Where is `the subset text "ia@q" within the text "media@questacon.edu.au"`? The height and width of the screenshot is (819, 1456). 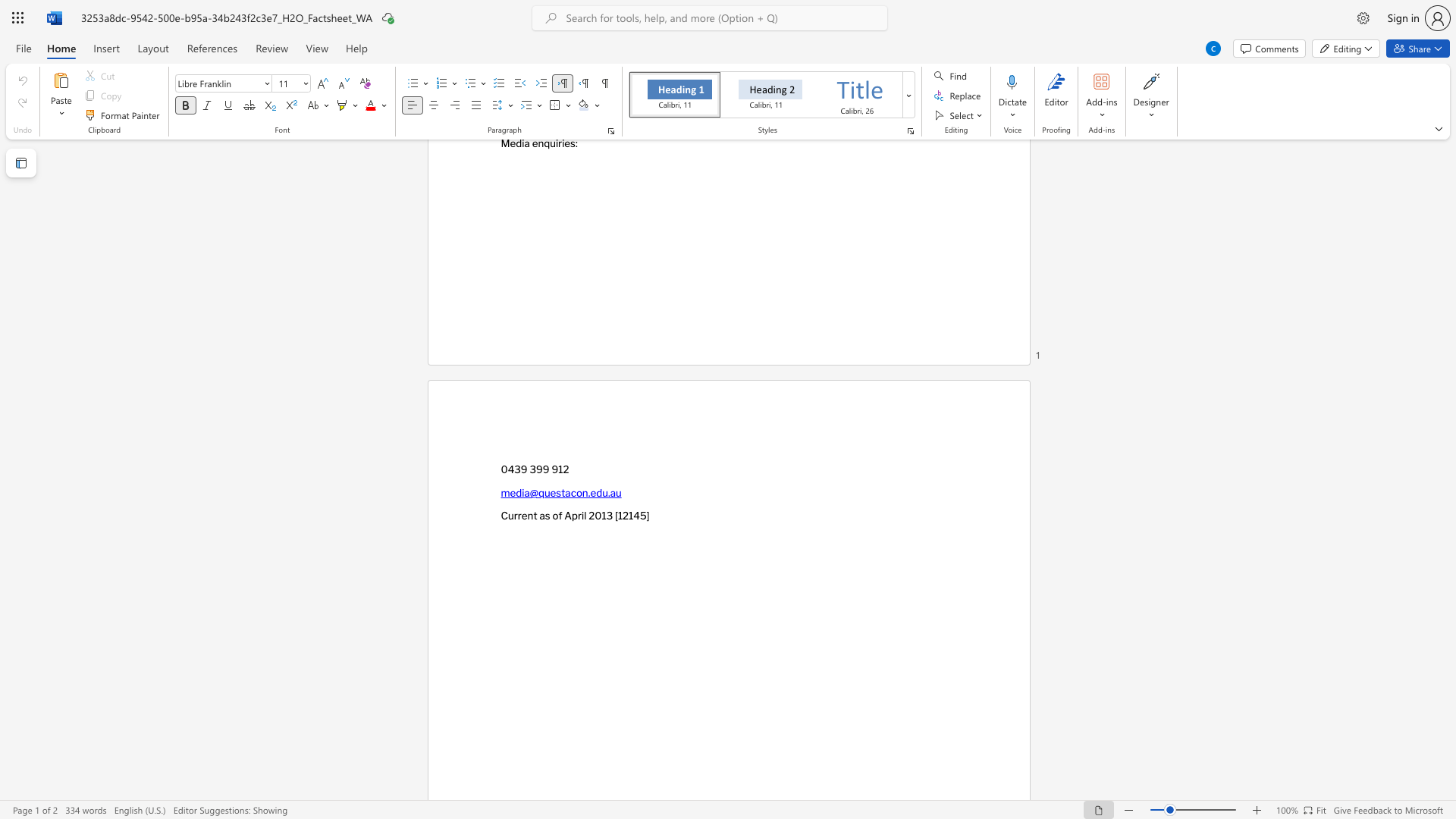 the subset text "ia@q" within the text "media@questacon.edu.au" is located at coordinates (522, 492).